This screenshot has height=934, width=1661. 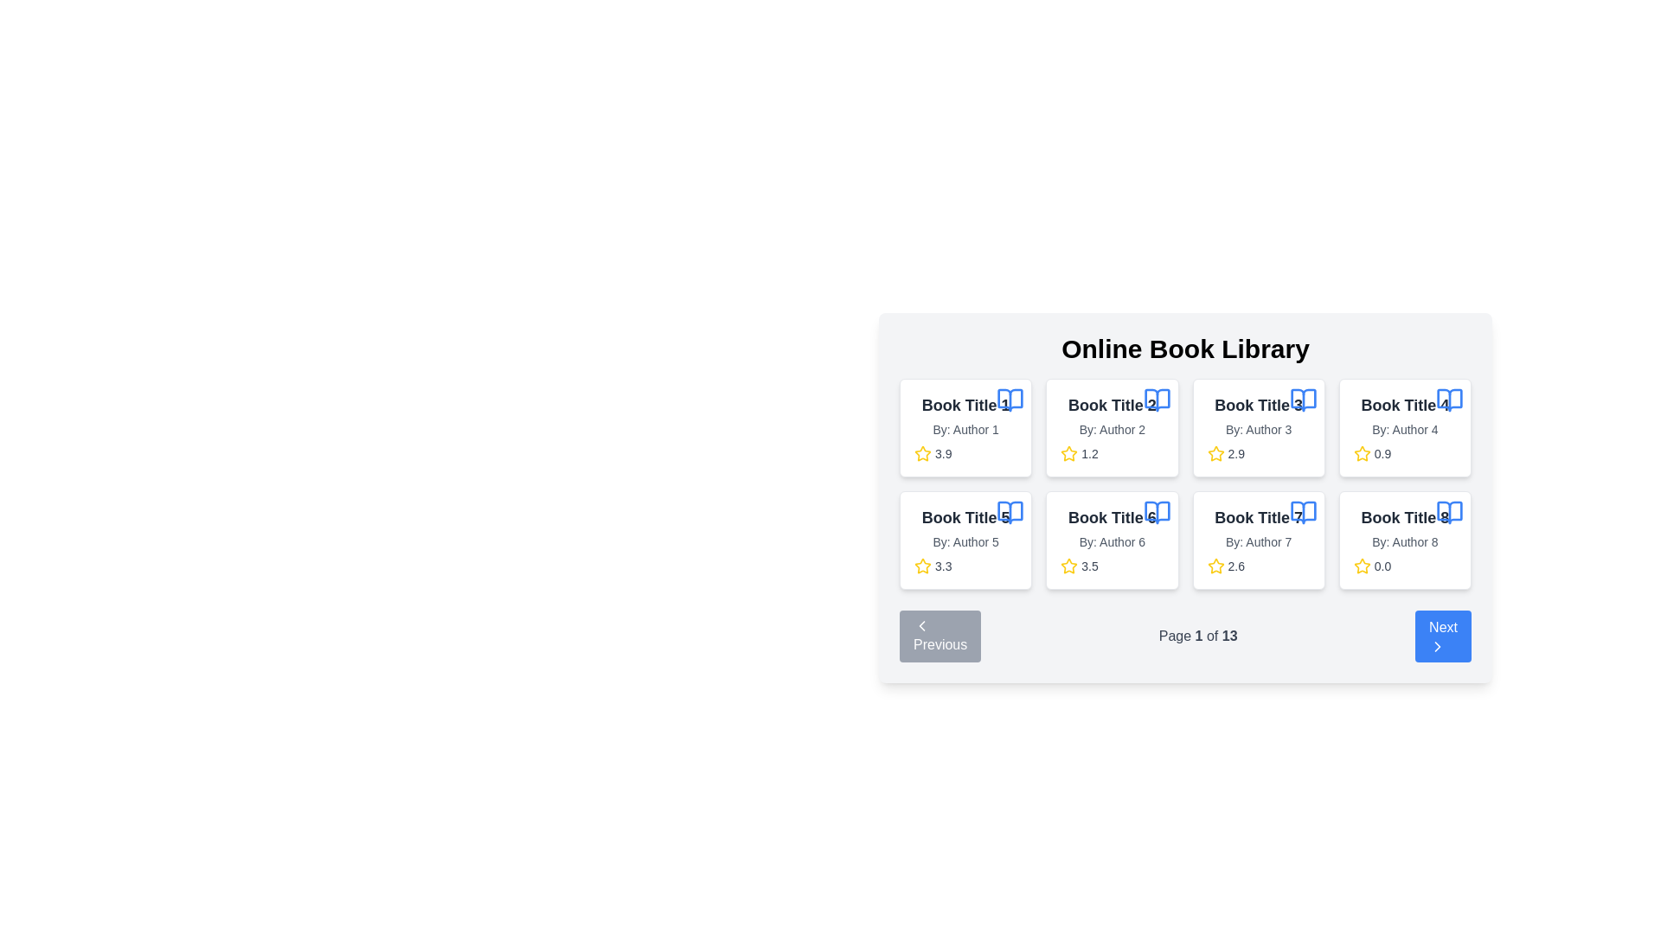 What do you see at coordinates (965, 429) in the screenshot?
I see `the static text label indicating the author of 'Book Title 1', located below the title text and above the rating section in the top-left corner of the card` at bounding box center [965, 429].